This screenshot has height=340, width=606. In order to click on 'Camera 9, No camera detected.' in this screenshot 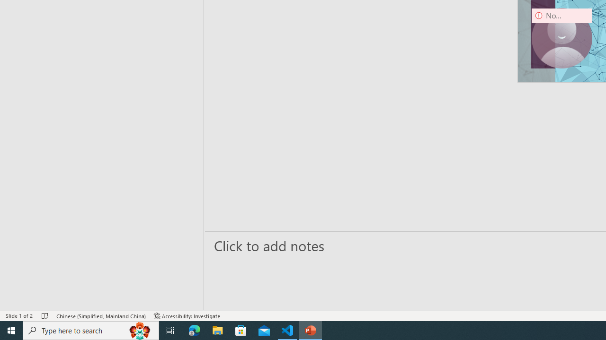, I will do `click(561, 38)`.